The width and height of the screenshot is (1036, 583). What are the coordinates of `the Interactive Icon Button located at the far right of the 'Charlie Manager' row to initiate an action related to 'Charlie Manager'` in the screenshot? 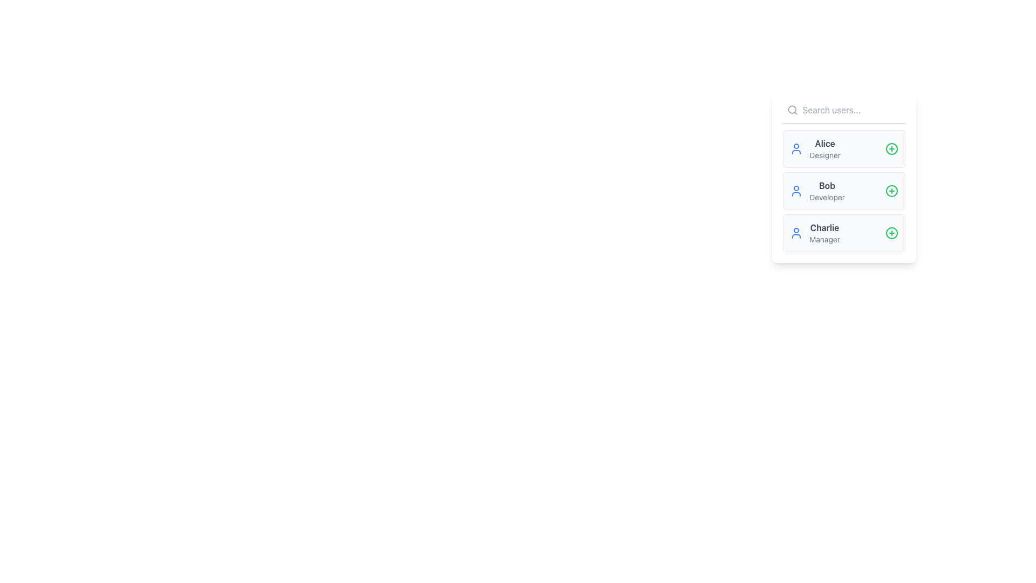 It's located at (891, 233).